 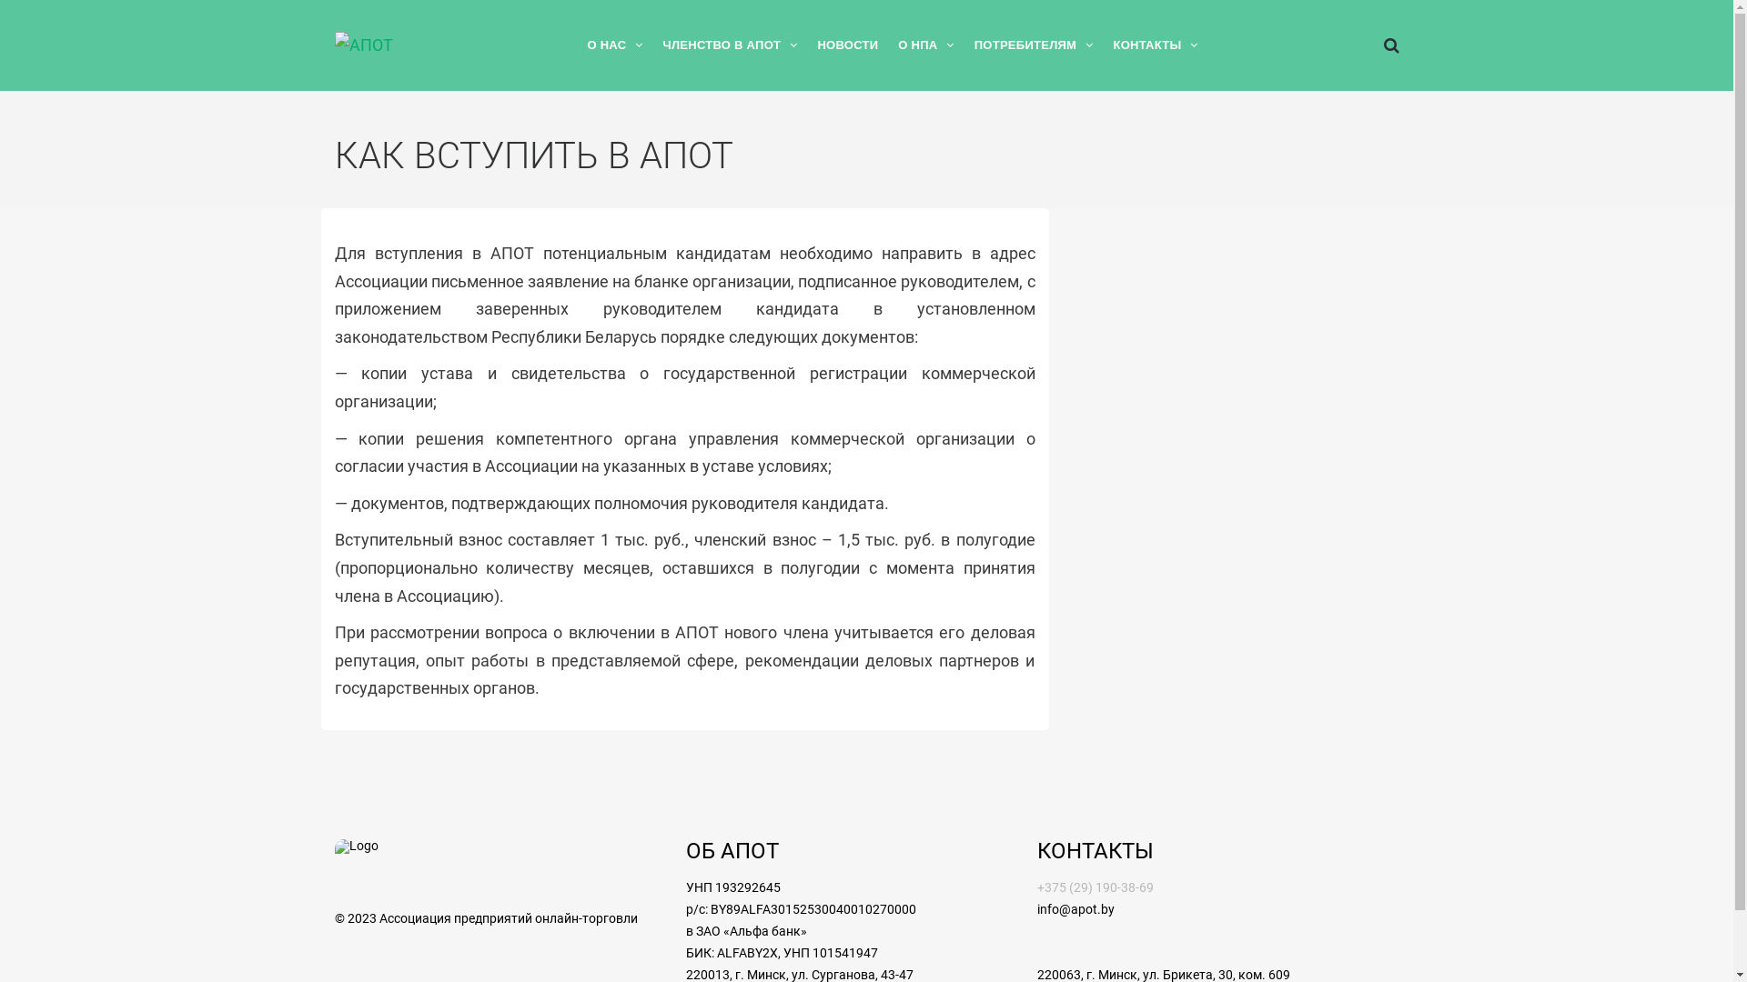 What do you see at coordinates (1095, 886) in the screenshot?
I see `'+375 (29) 190-38-69'` at bounding box center [1095, 886].